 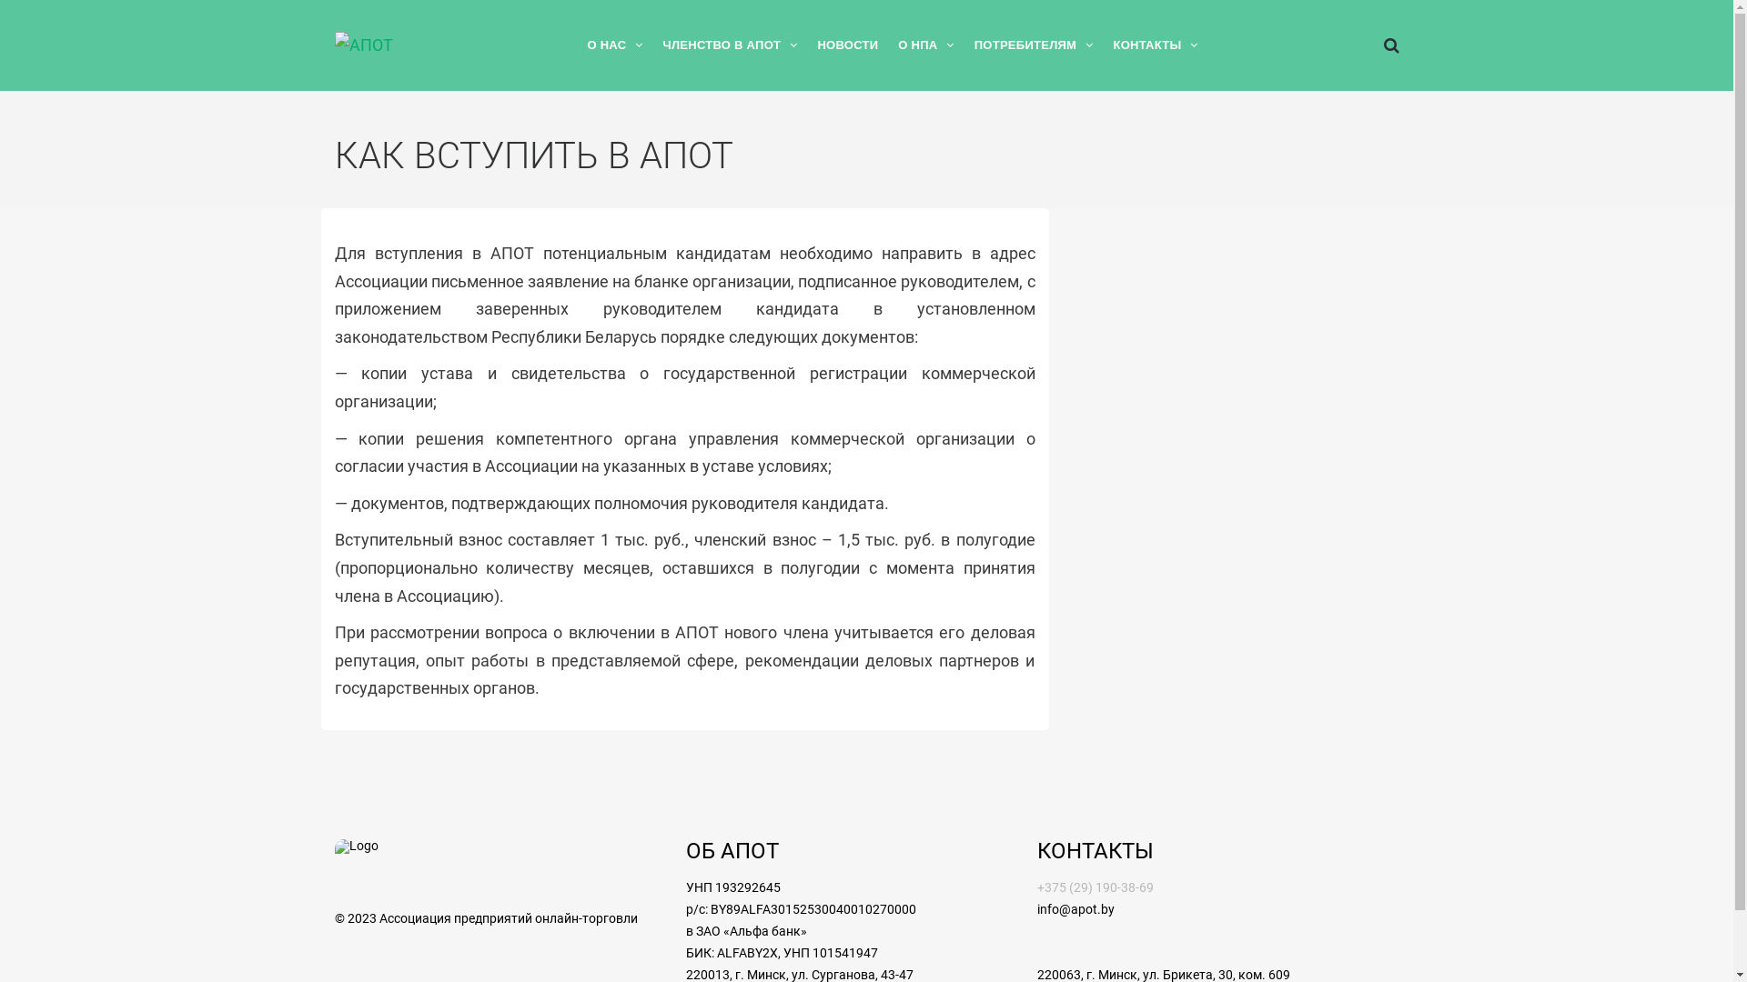 What do you see at coordinates (1095, 886) in the screenshot?
I see `'+375 (29) 190-38-69'` at bounding box center [1095, 886].